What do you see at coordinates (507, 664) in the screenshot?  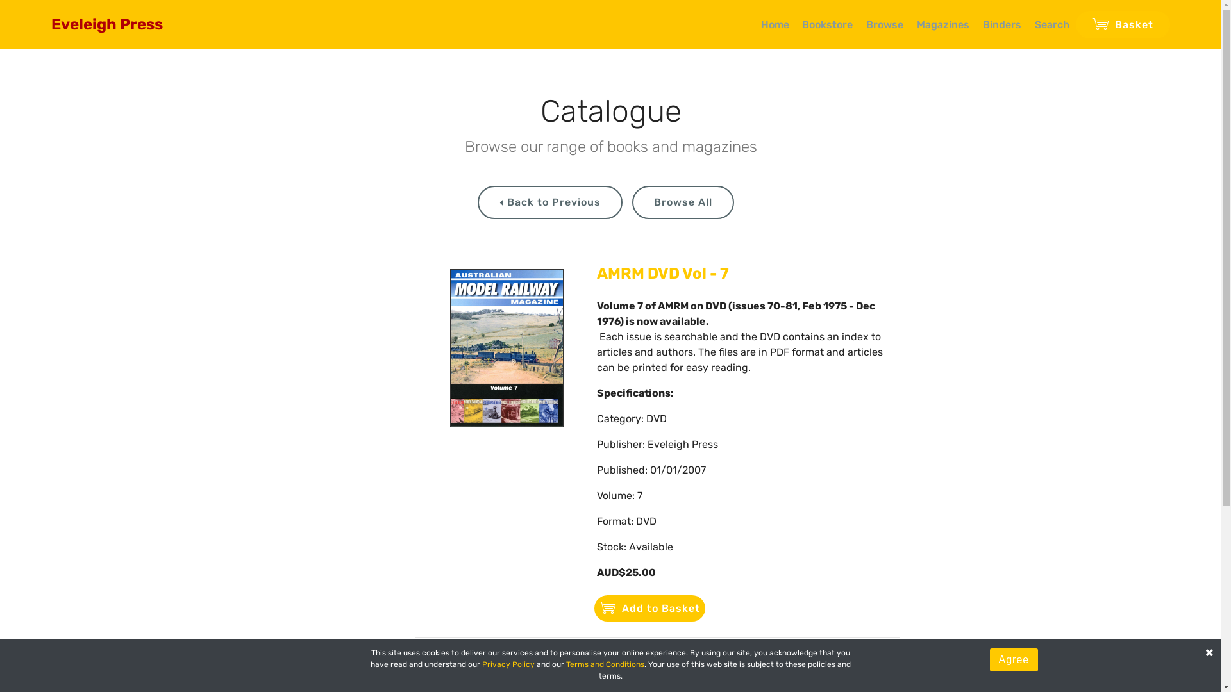 I see `'Privacy Policy'` at bounding box center [507, 664].